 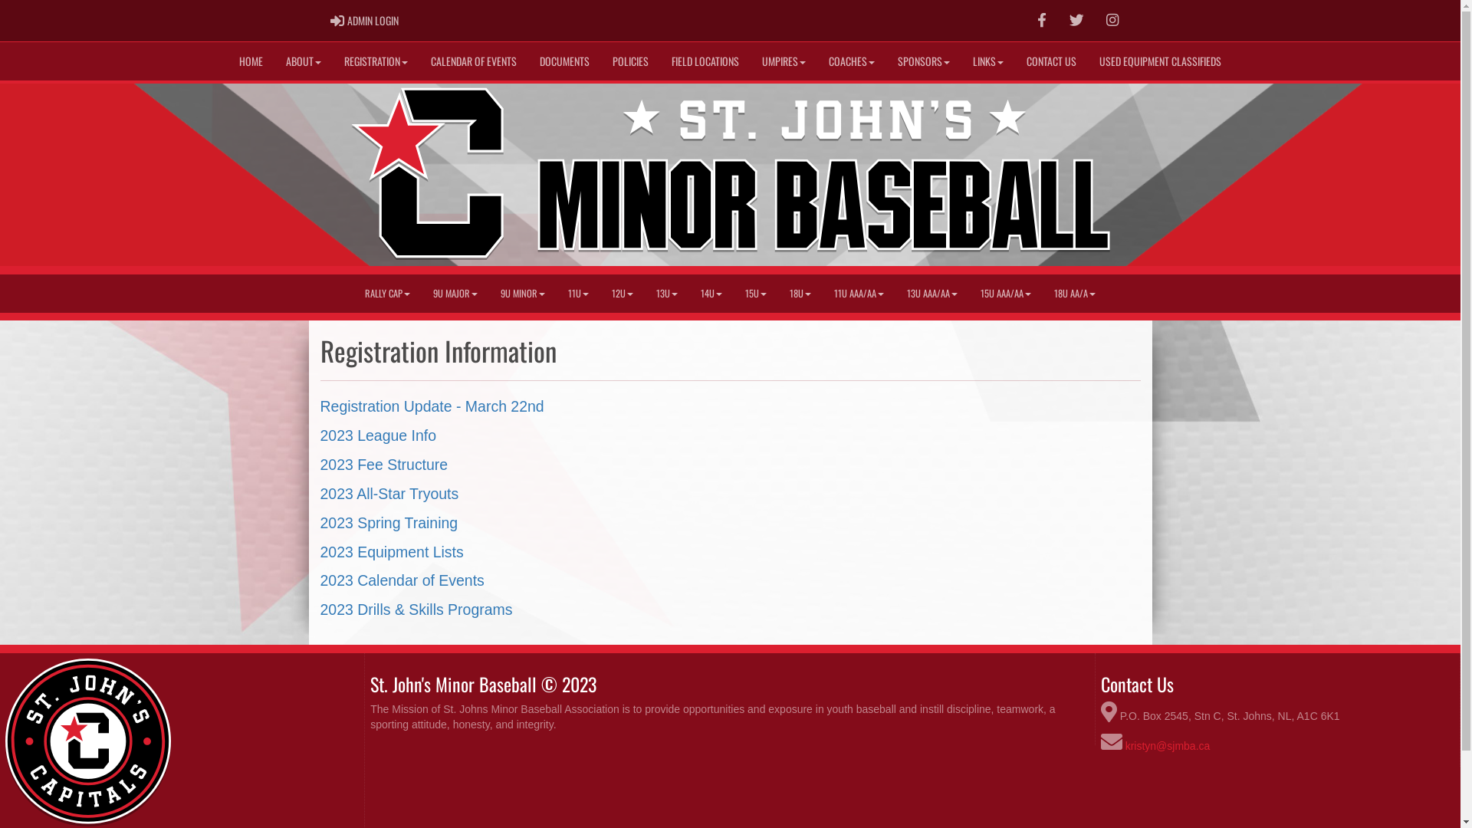 What do you see at coordinates (931, 293) in the screenshot?
I see `'13U AAA/AA'` at bounding box center [931, 293].